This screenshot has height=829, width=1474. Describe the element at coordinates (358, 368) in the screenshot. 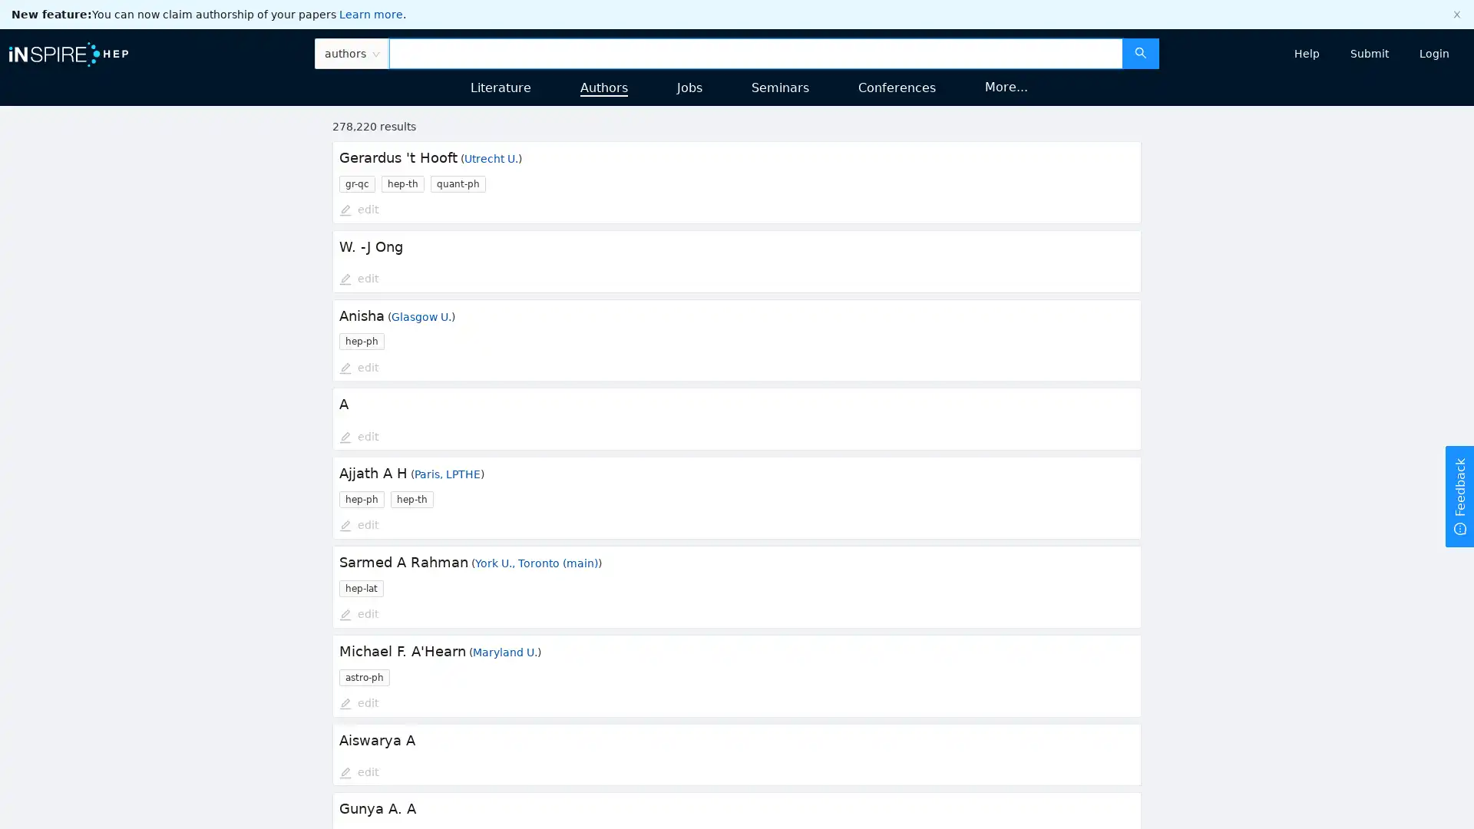

I see `edit edit` at that location.